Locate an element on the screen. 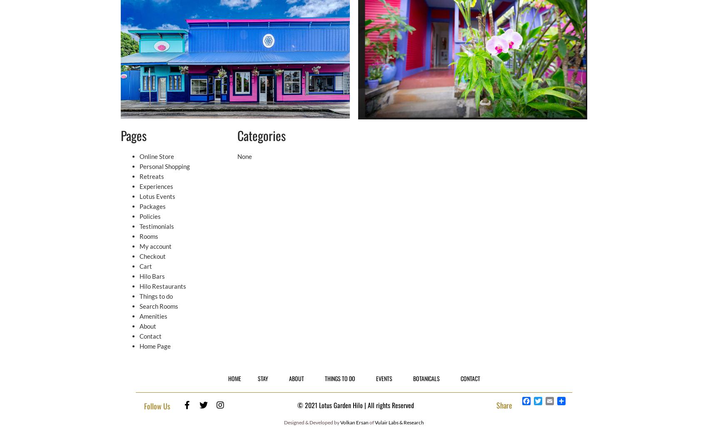 The image size is (708, 436). 'Hilo Restaurants' is located at coordinates (162, 286).